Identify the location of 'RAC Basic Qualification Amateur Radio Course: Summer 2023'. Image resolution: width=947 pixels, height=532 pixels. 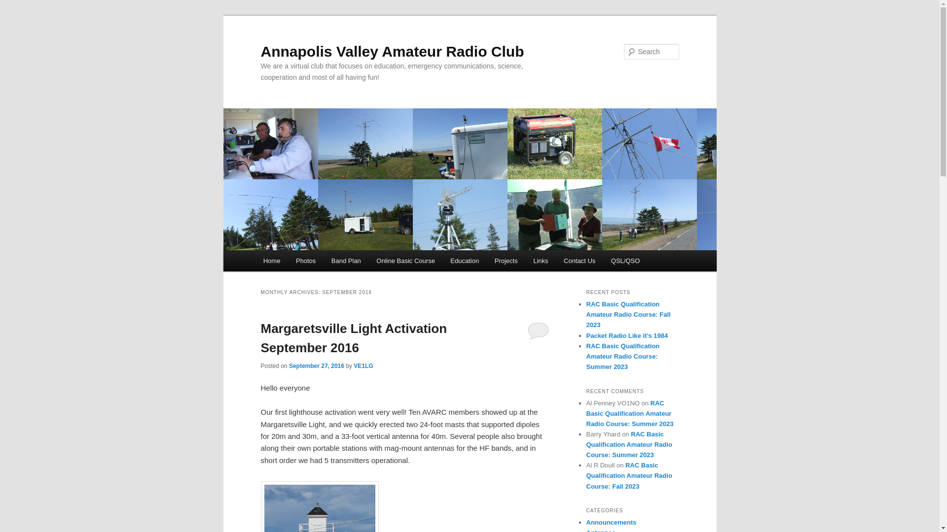
(629, 413).